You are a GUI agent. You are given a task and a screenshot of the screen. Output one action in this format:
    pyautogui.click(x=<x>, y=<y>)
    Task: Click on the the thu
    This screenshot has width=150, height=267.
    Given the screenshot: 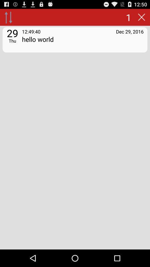 What is the action you would take?
    pyautogui.click(x=12, y=40)
    